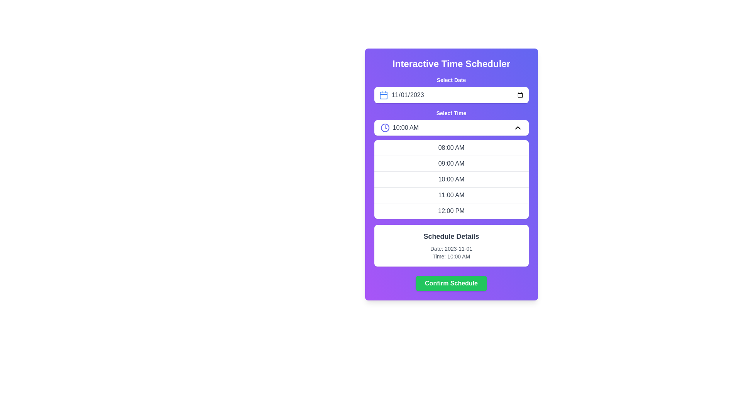 The height and width of the screenshot is (416, 741). Describe the element at coordinates (385, 127) in the screenshot. I see `the time icon located to the left of the '10:00 AM' text in the 'Select Time' section, which is part of a horizontal layout` at that location.